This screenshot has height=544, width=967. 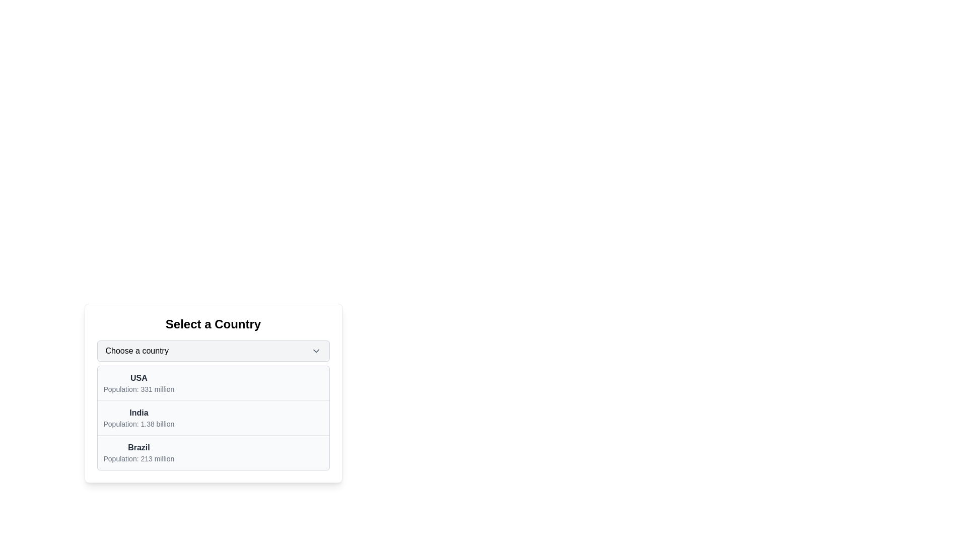 What do you see at coordinates (213, 392) in the screenshot?
I see `population details from the dropdown menu labeled 'Choose a country' that contains options for USA, India, and Brazil` at bounding box center [213, 392].